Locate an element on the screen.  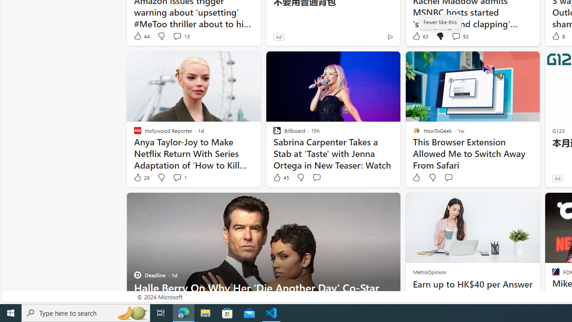
'Ad' is located at coordinates (557, 178).